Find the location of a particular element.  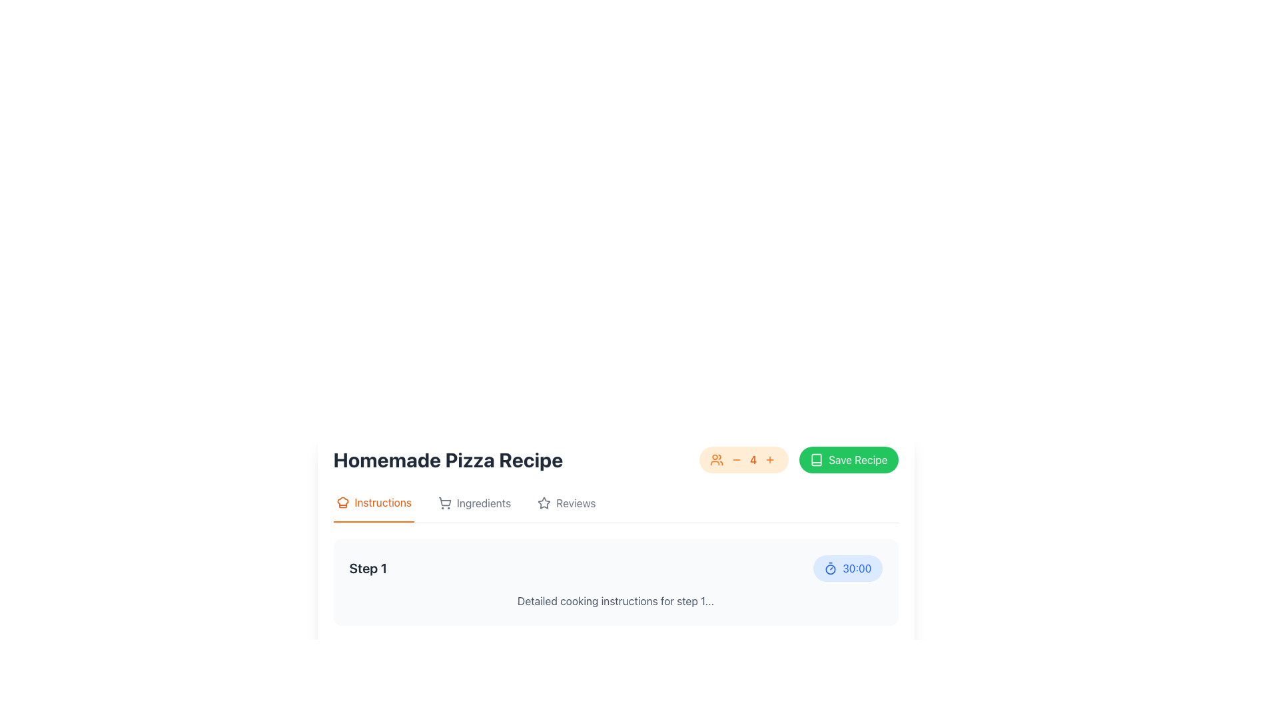

the static text label displaying 'Step 1', which is bold and prominent, located at the start of a step description section is located at coordinates (368, 568).